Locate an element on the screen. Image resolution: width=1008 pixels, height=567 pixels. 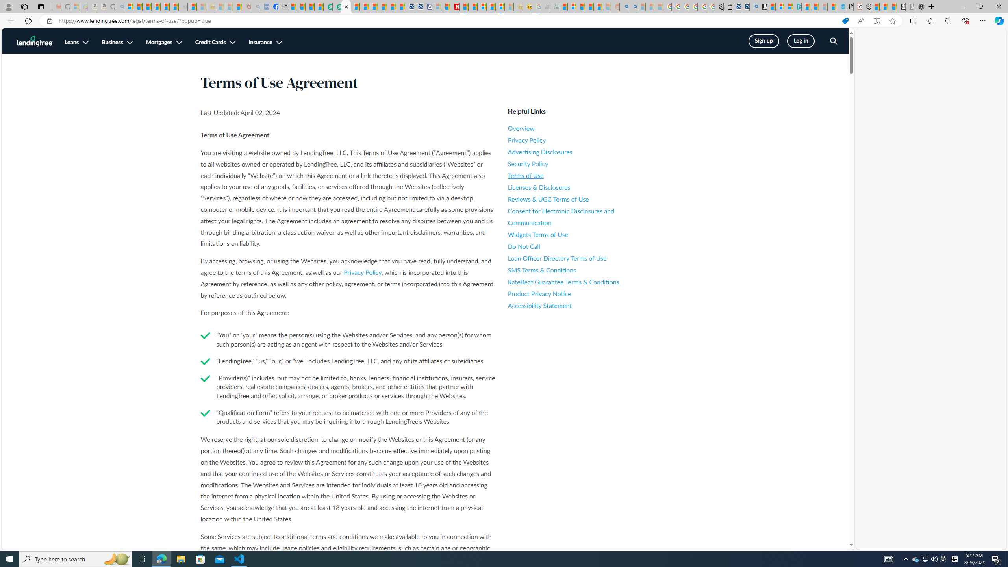
'Reviews & UGC Terms of Use' is located at coordinates (578, 199).